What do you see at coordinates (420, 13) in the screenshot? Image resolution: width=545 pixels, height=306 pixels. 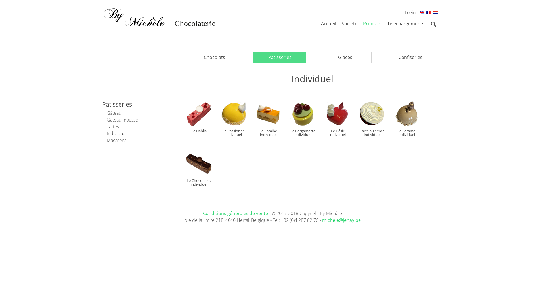 I see `'En'` at bounding box center [420, 13].